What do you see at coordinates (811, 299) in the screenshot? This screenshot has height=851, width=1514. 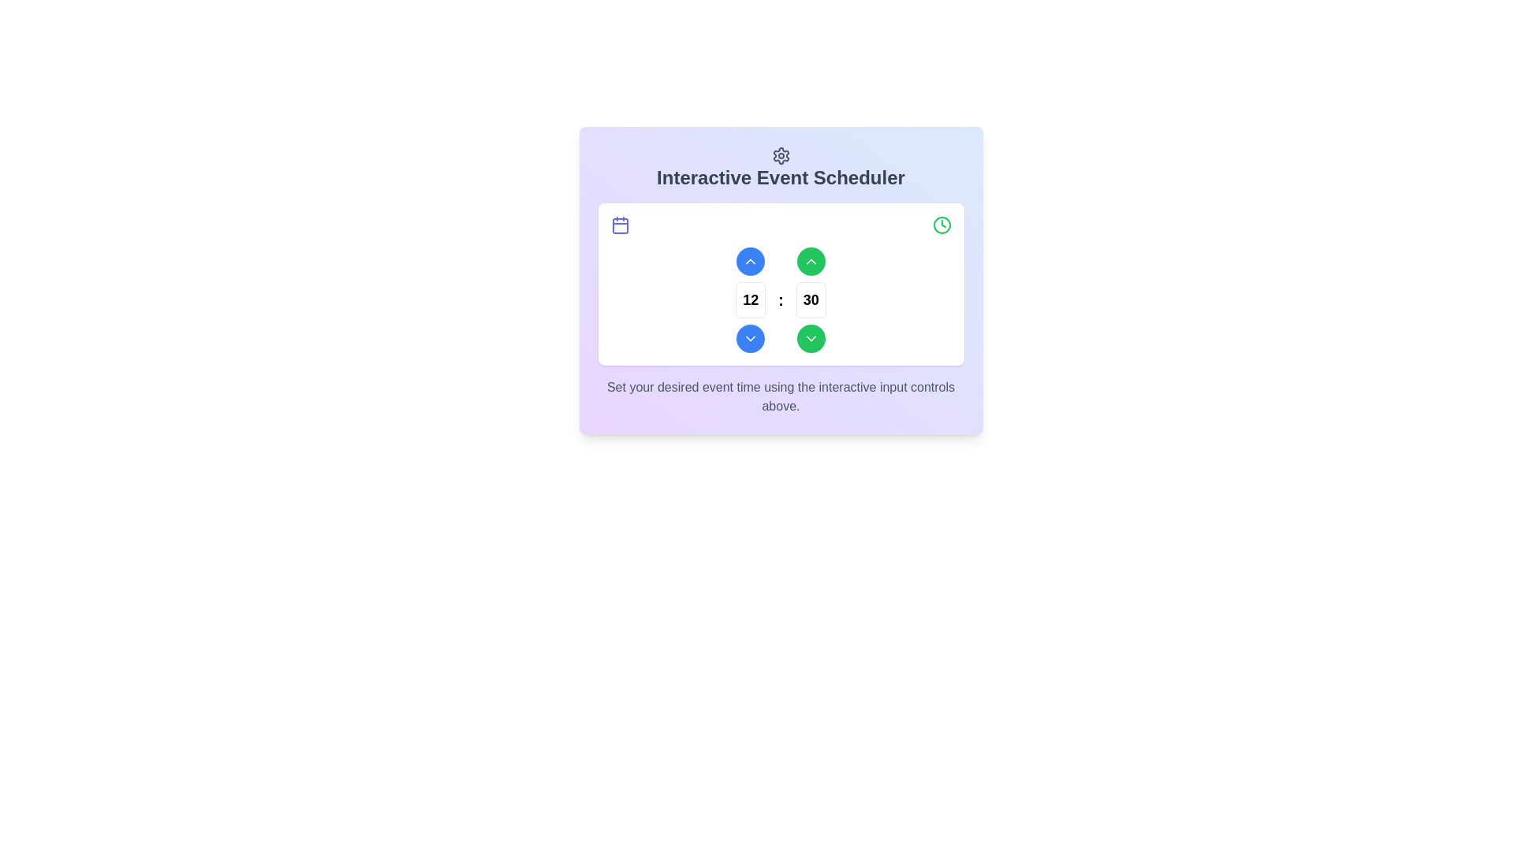 I see `the text display element that shows the current selected value for the minutes component of a time input mechanism, located centrally between the up and down arrow buttons` at bounding box center [811, 299].